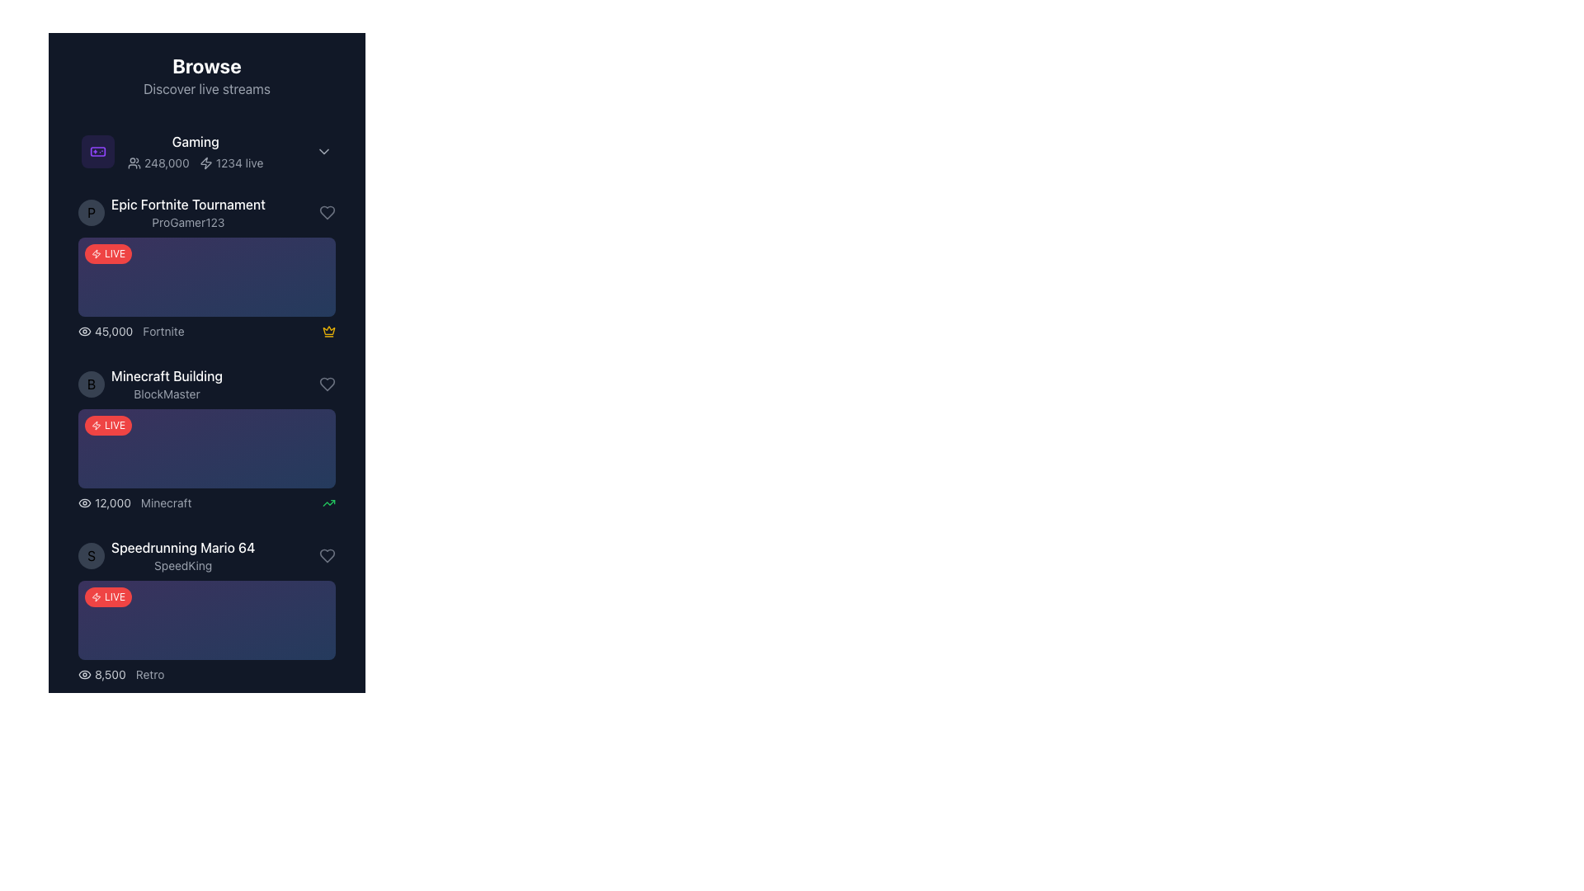 The height and width of the screenshot is (891, 1584). Describe the element at coordinates (205, 384) in the screenshot. I see `the list item representing a content channel located between 'Epic Fortnite Tournament' and 'Speedrunning Mario 64' in the list view` at that location.